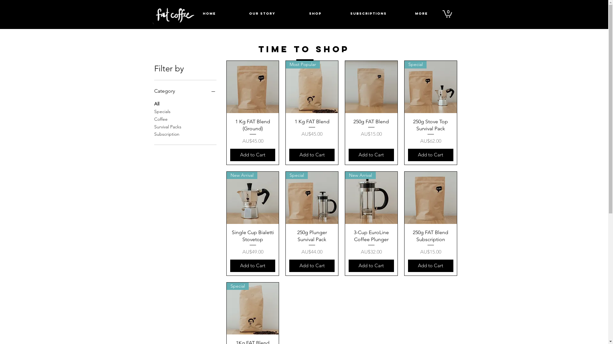 The image size is (613, 344). What do you see at coordinates (371, 131) in the screenshot?
I see `'250g FAT Blend` at bounding box center [371, 131].